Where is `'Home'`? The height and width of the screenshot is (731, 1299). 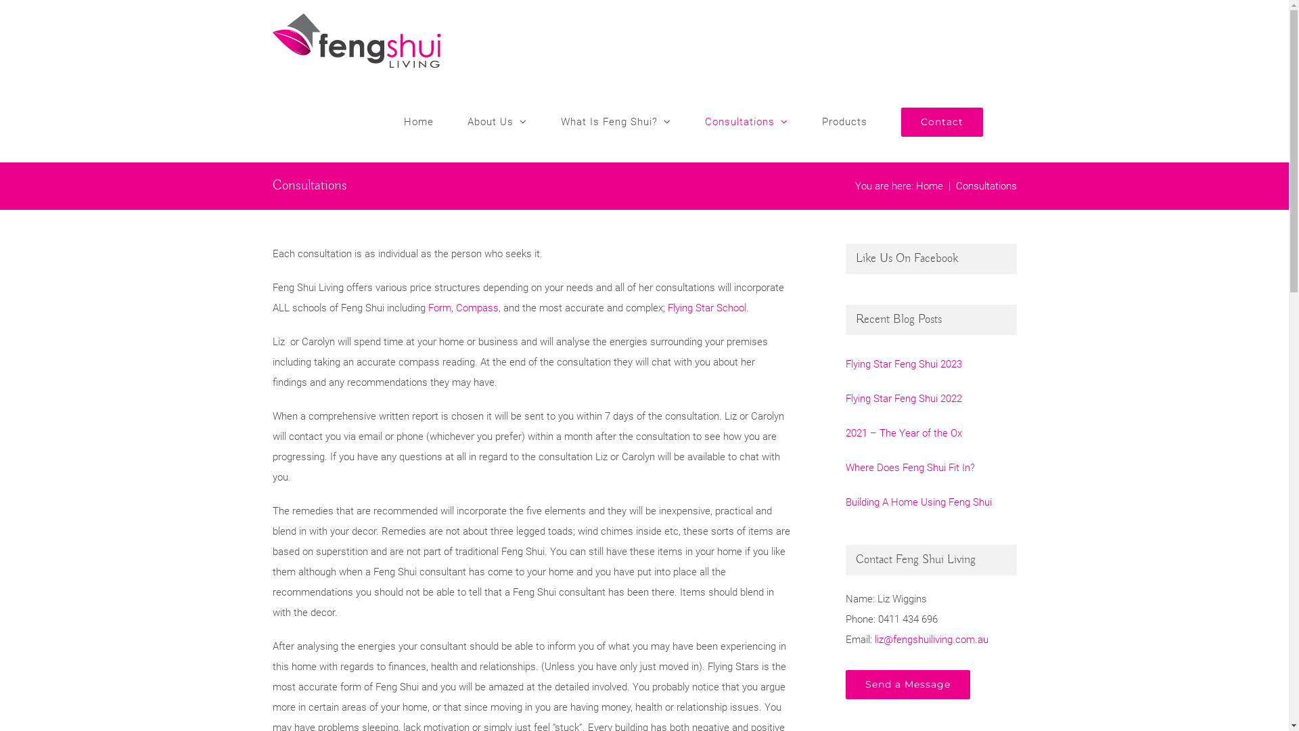 'Home' is located at coordinates (417, 122).